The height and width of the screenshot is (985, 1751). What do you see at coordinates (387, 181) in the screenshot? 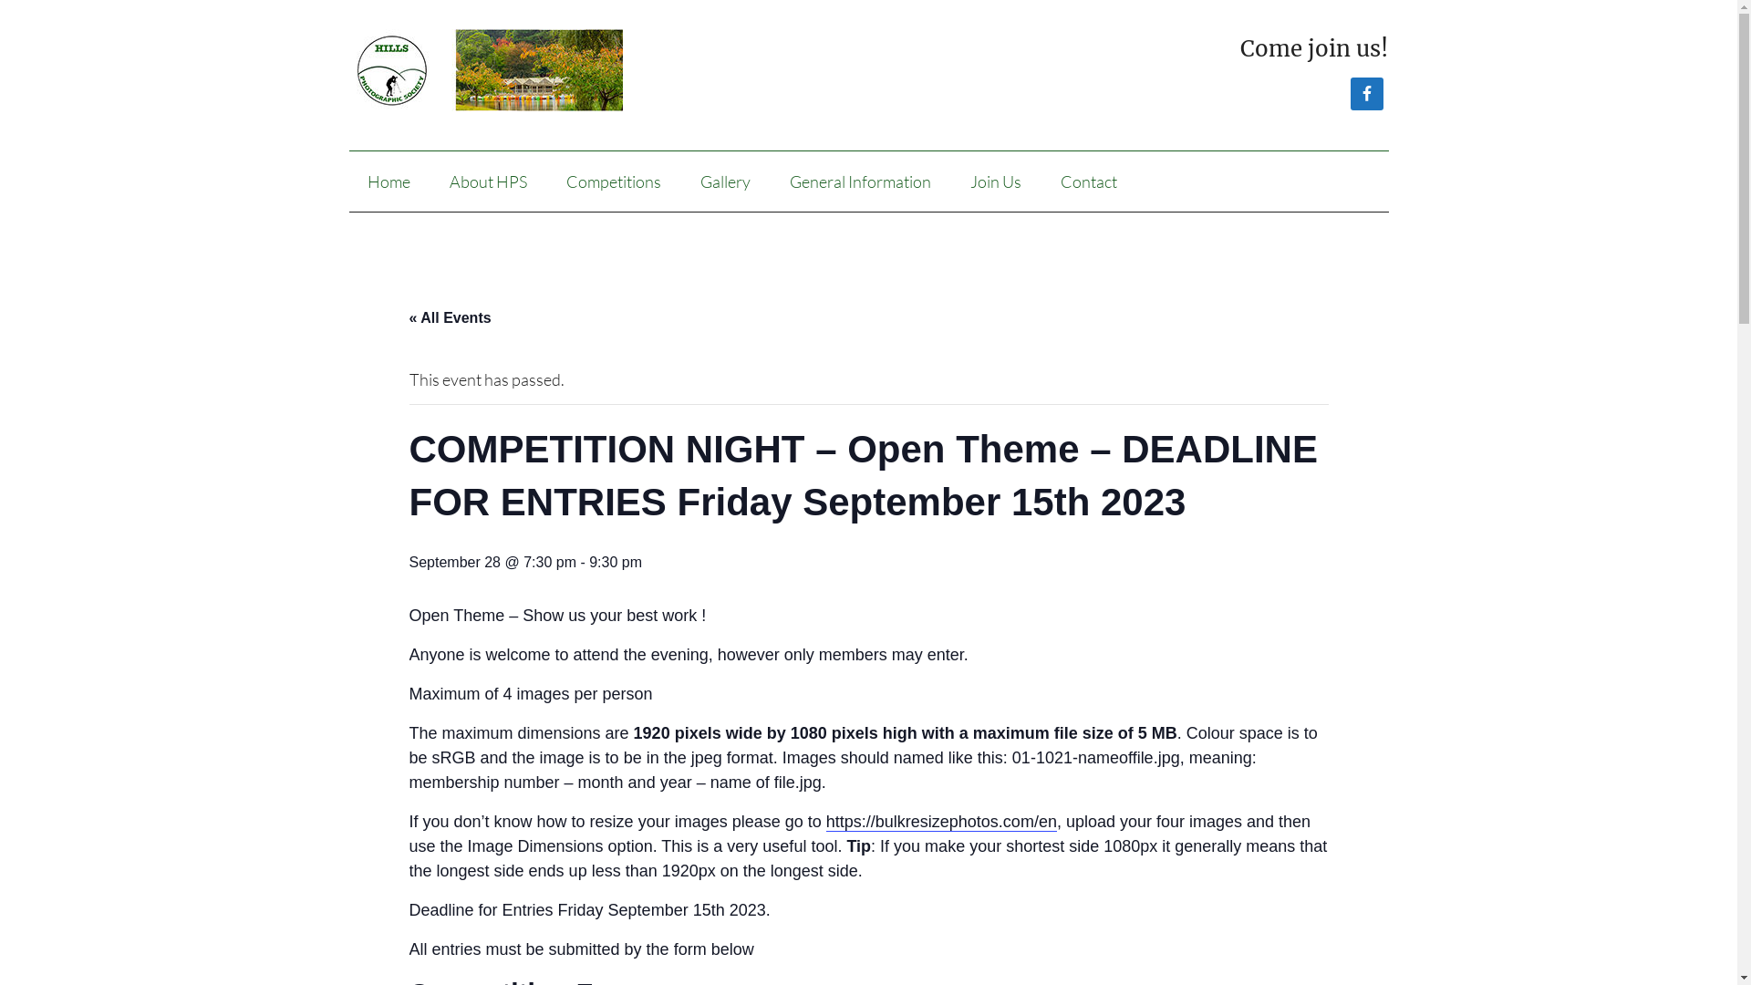
I see `'Home'` at bounding box center [387, 181].